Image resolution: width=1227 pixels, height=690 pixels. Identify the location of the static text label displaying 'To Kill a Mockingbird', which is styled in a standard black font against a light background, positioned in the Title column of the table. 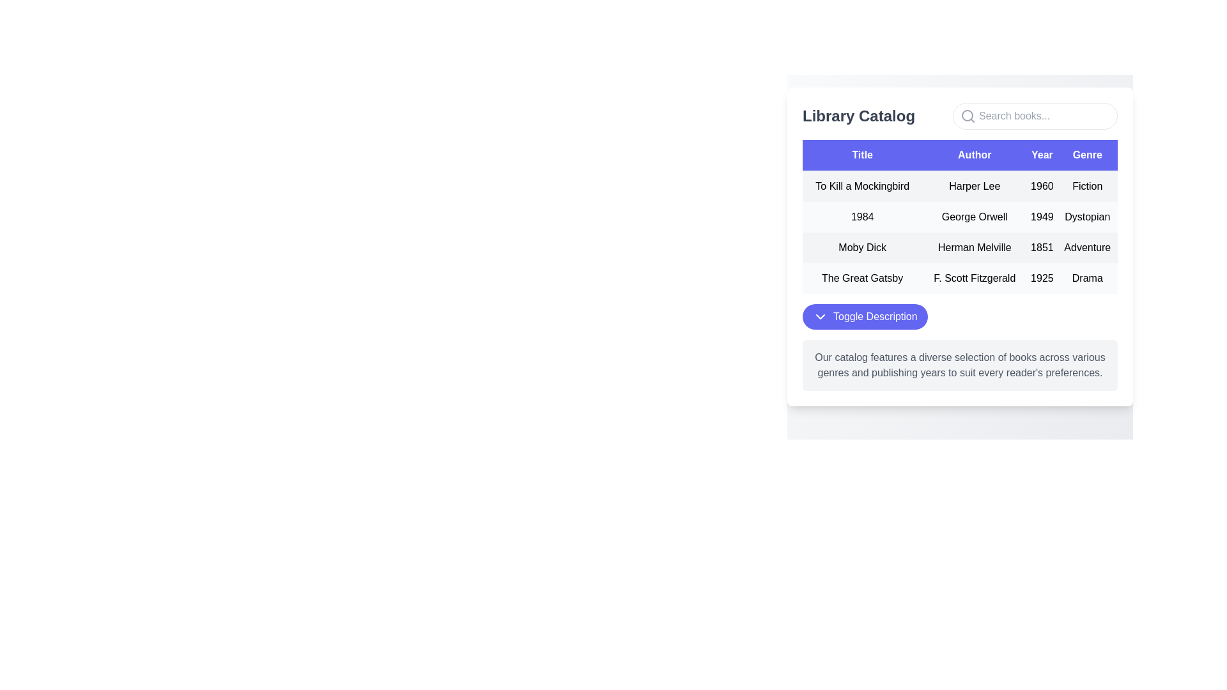
(862, 186).